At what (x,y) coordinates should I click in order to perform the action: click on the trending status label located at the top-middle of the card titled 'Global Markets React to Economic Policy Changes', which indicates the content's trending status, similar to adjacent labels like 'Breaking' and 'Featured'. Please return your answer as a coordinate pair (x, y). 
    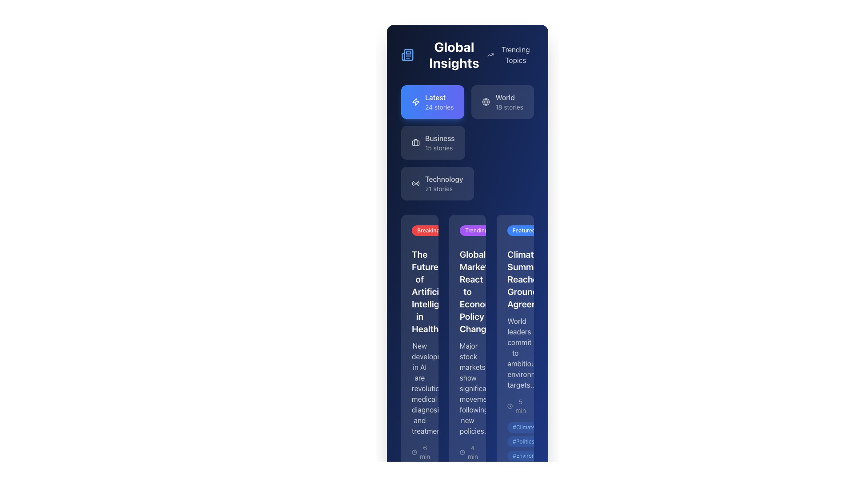
    Looking at the image, I should click on (467, 232).